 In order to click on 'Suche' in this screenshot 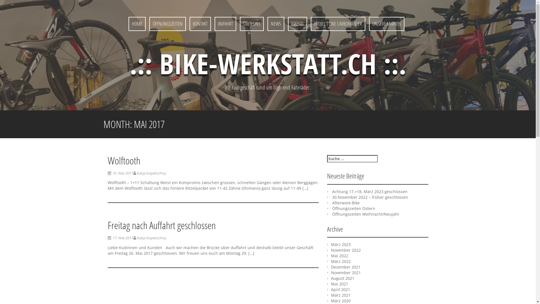, I will do `click(8, 3)`.